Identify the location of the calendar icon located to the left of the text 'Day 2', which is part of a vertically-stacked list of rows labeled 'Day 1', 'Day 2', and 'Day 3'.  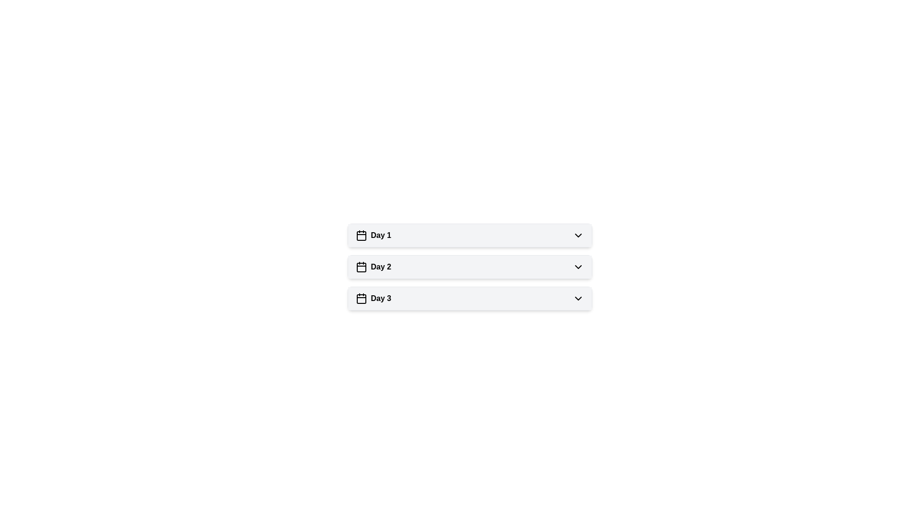
(361, 267).